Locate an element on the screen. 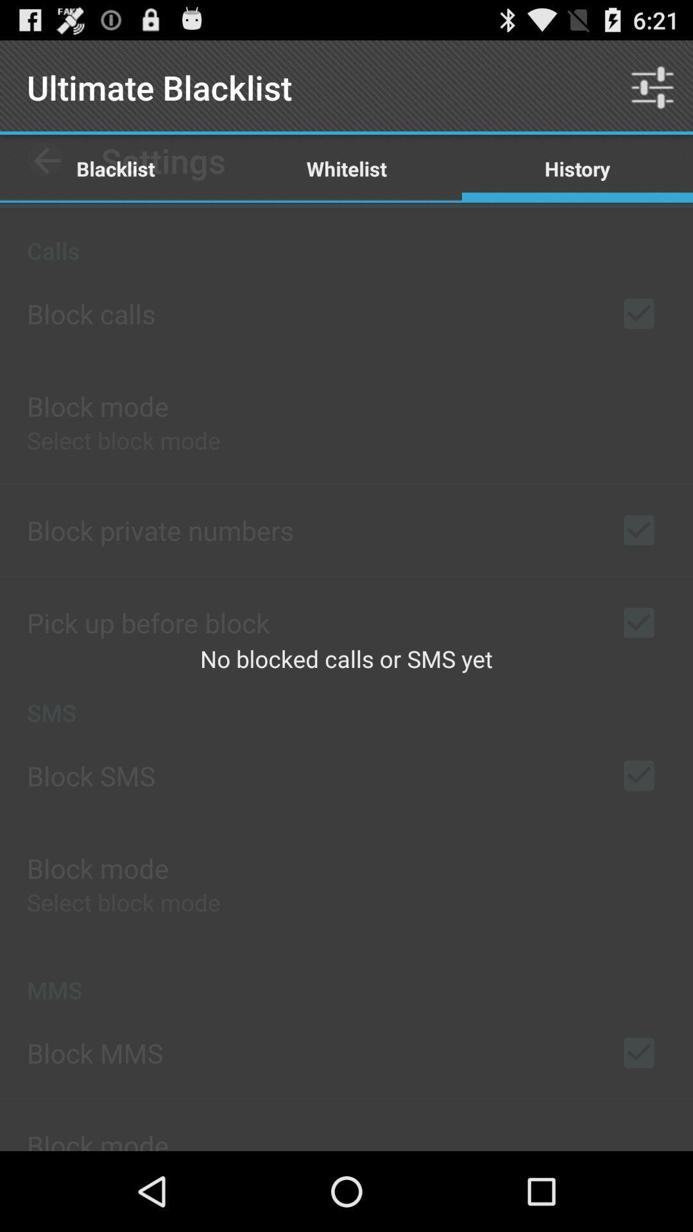 Image resolution: width=693 pixels, height=1232 pixels. the history icon is located at coordinates (576, 167).